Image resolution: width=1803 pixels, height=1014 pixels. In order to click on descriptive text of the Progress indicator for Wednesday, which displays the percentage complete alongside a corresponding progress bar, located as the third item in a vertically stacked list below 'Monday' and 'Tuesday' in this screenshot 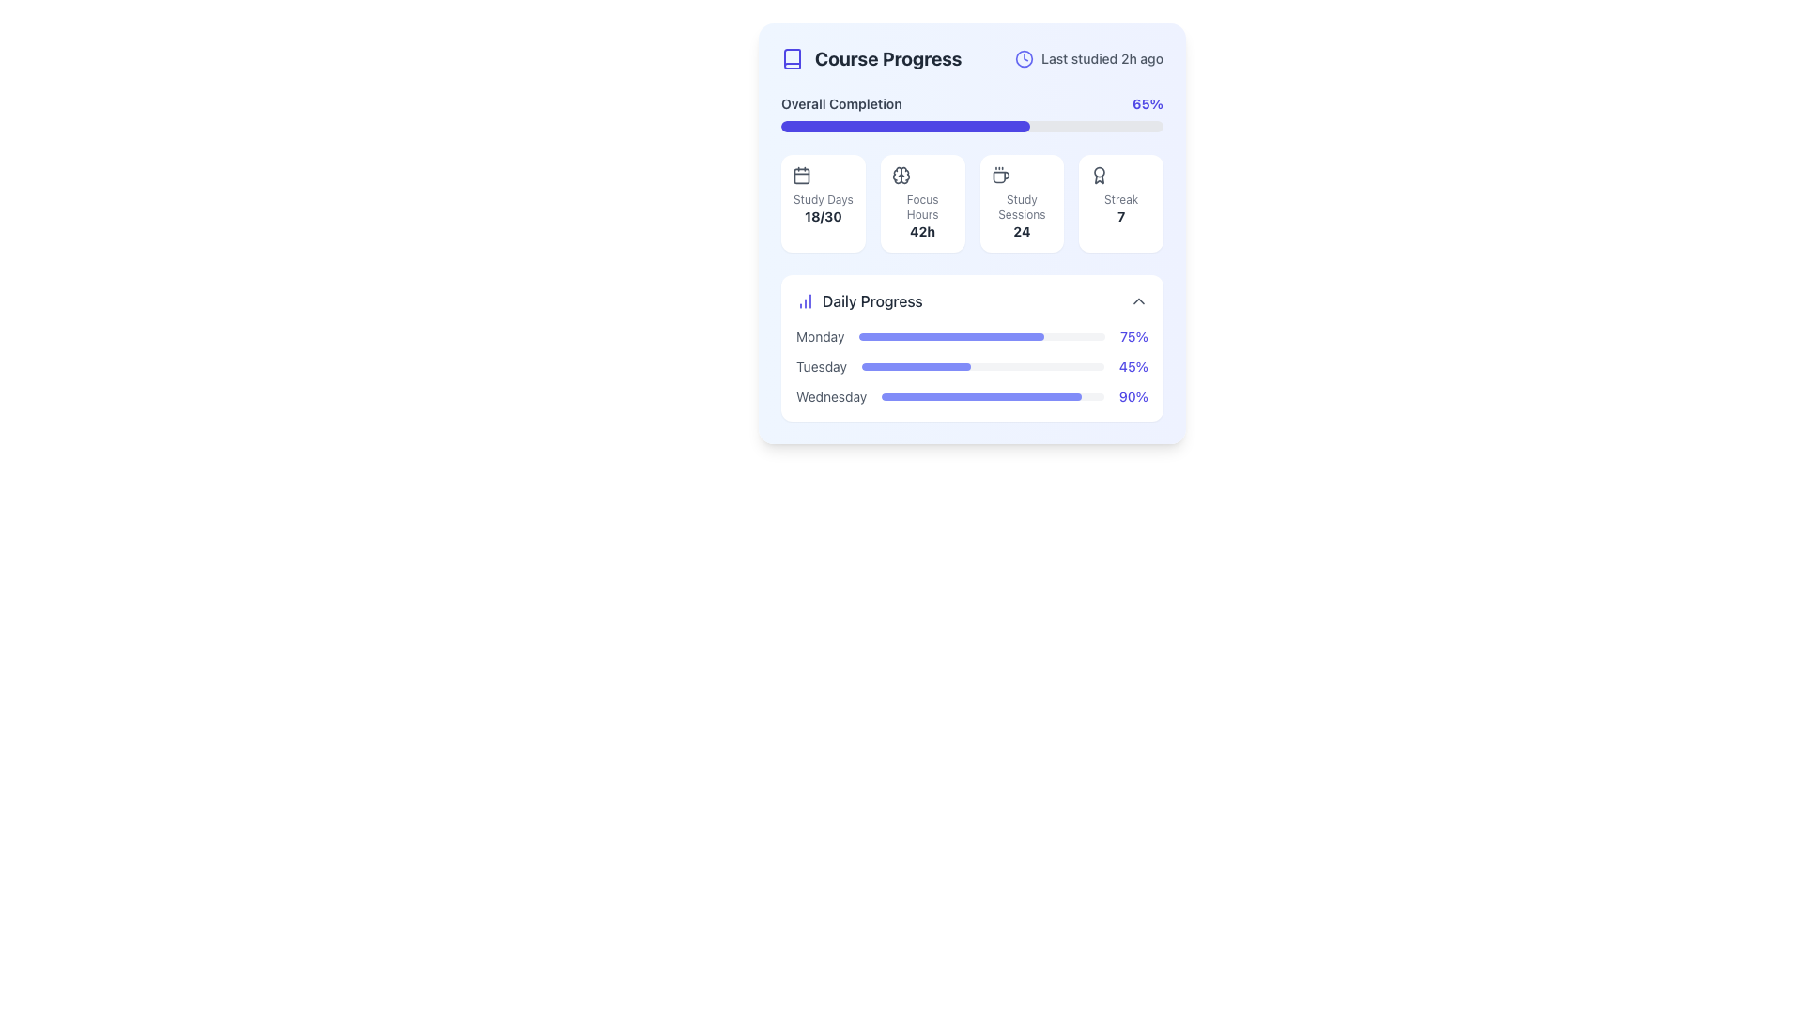, I will do `click(972, 396)`.